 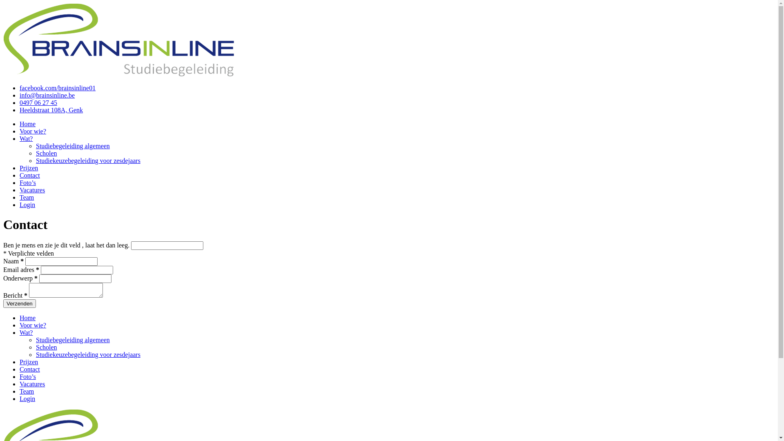 What do you see at coordinates (32, 384) in the screenshot?
I see `'Vacatures'` at bounding box center [32, 384].